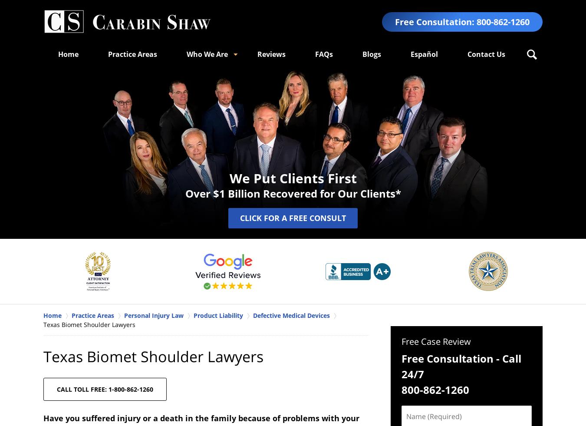 This screenshot has width=586, height=426. What do you see at coordinates (410, 53) in the screenshot?
I see `'Español'` at bounding box center [410, 53].